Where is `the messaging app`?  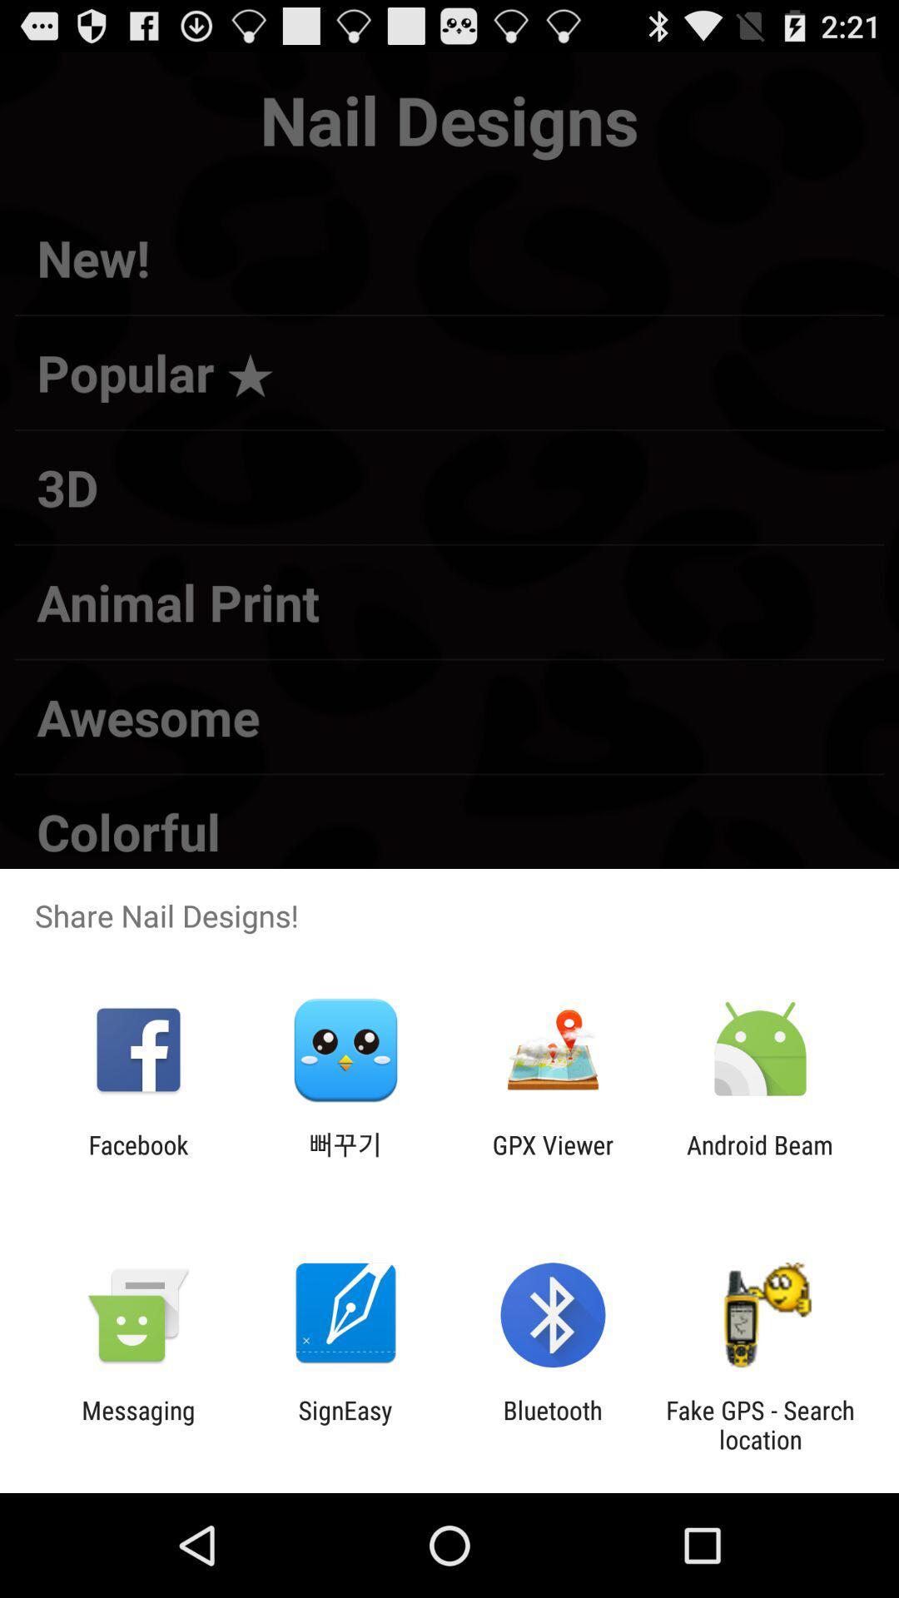 the messaging app is located at coordinates (137, 1424).